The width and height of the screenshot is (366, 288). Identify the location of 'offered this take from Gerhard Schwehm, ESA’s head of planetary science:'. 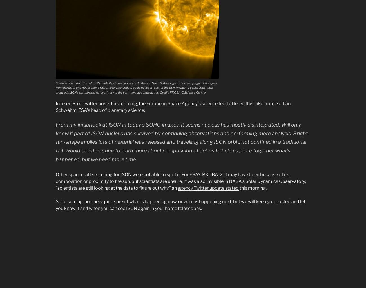
(174, 107).